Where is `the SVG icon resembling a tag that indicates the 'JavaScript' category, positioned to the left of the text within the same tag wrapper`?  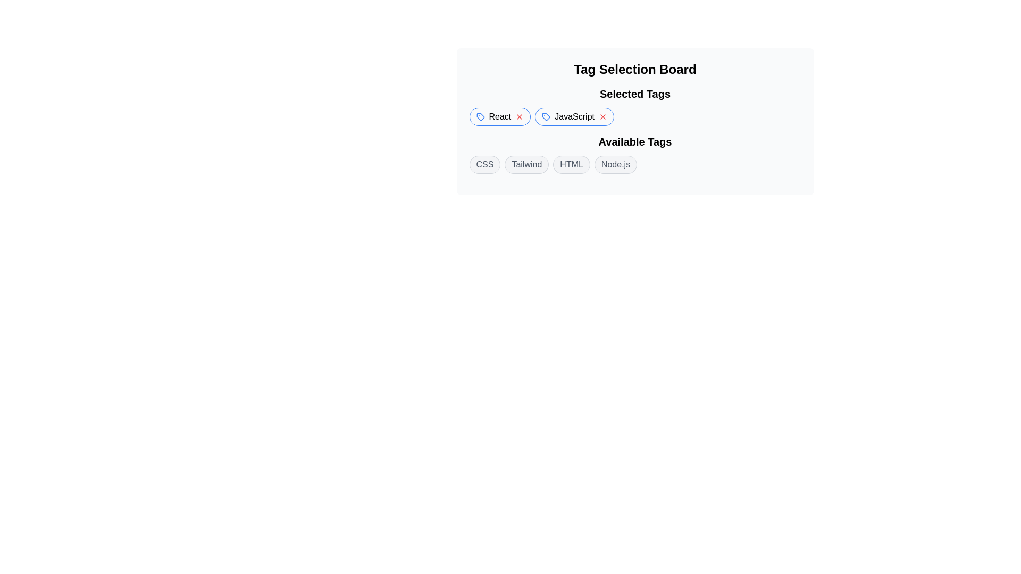
the SVG icon resembling a tag that indicates the 'JavaScript' category, positioned to the left of the text within the same tag wrapper is located at coordinates (546, 116).